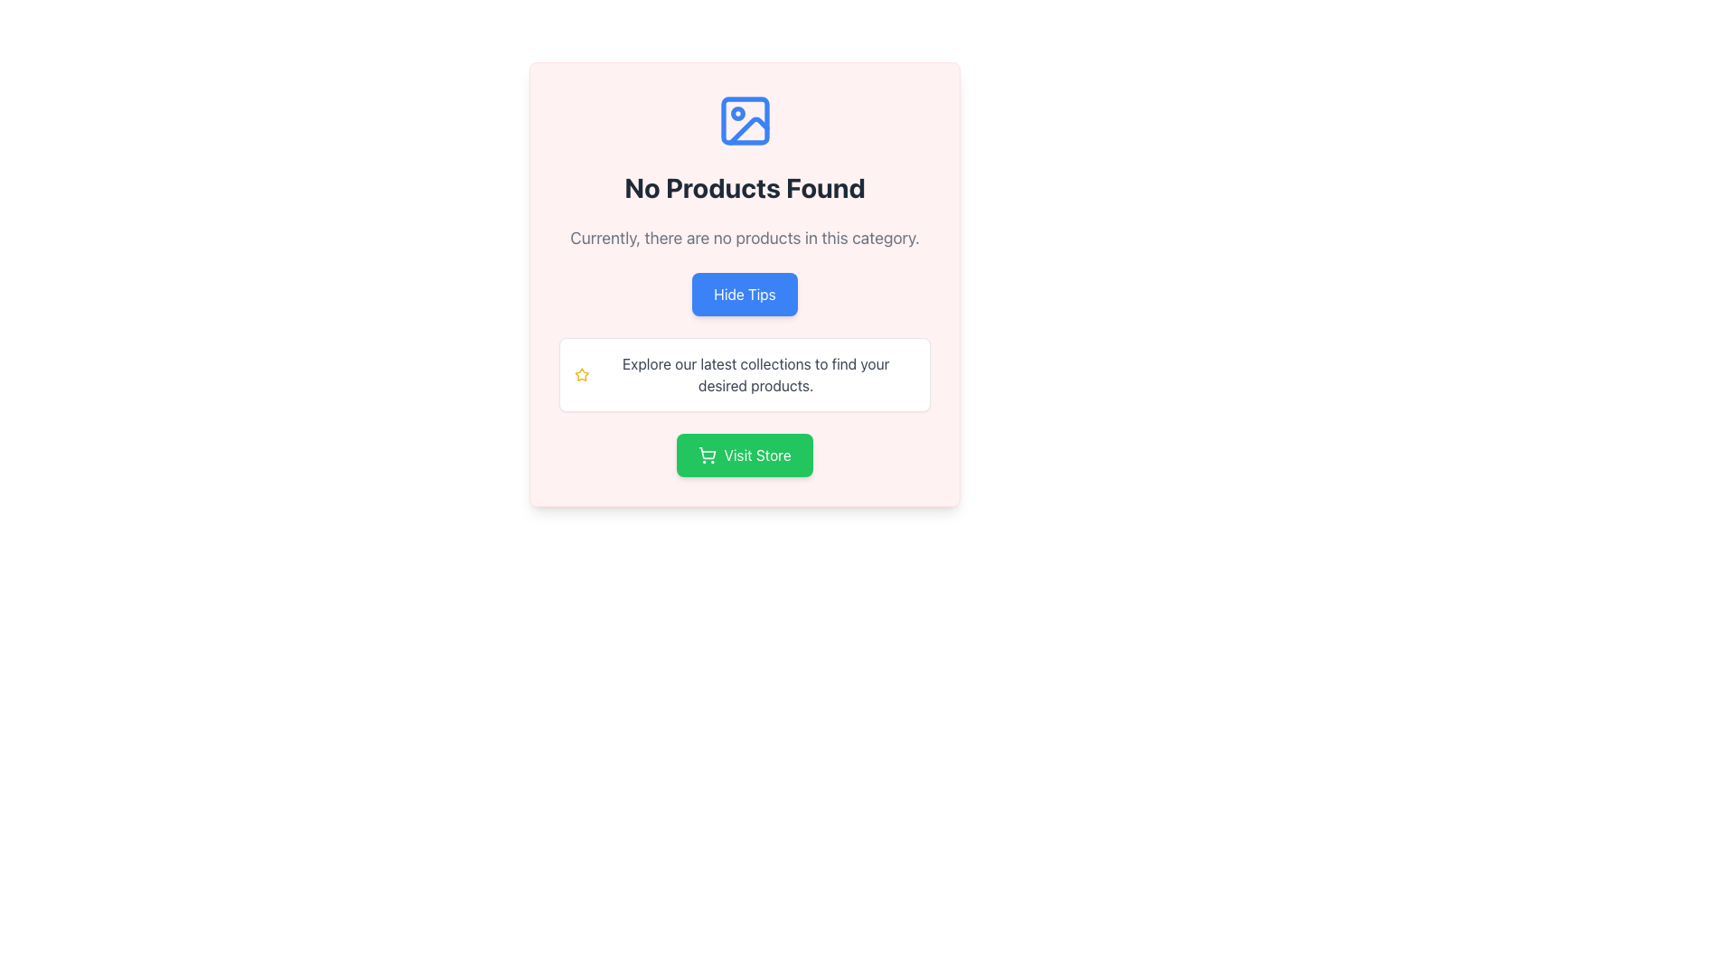 This screenshot has width=1735, height=976. What do you see at coordinates (745, 237) in the screenshot?
I see `the text block that reads 'Currently, there are no products in this category.'` at bounding box center [745, 237].